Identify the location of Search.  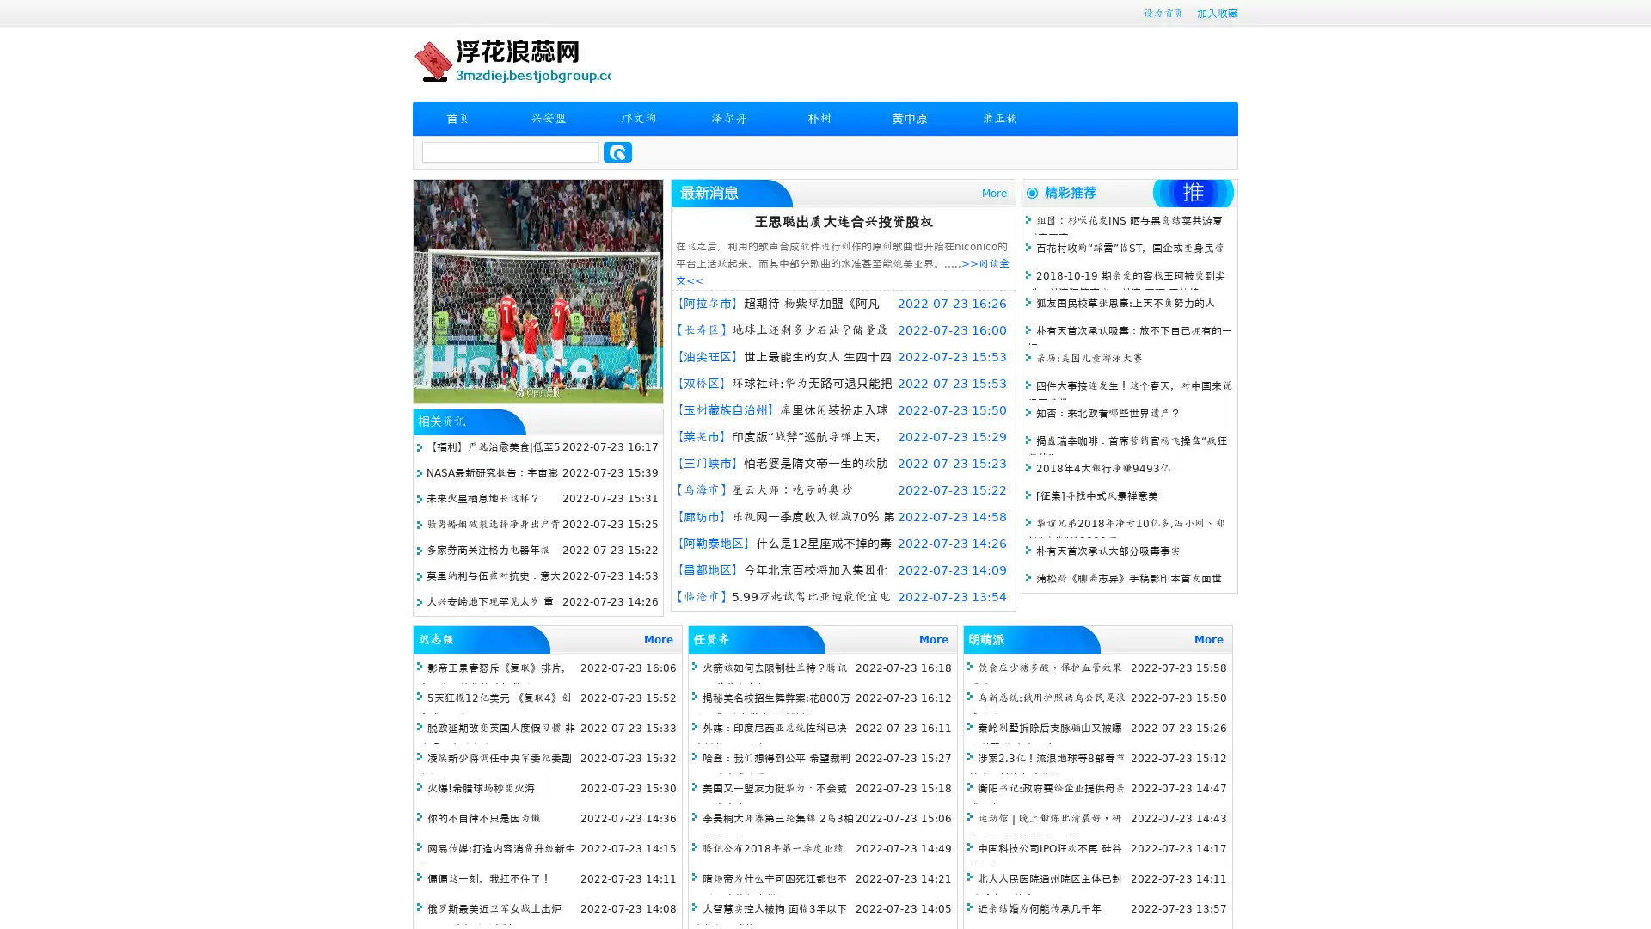
(617, 151).